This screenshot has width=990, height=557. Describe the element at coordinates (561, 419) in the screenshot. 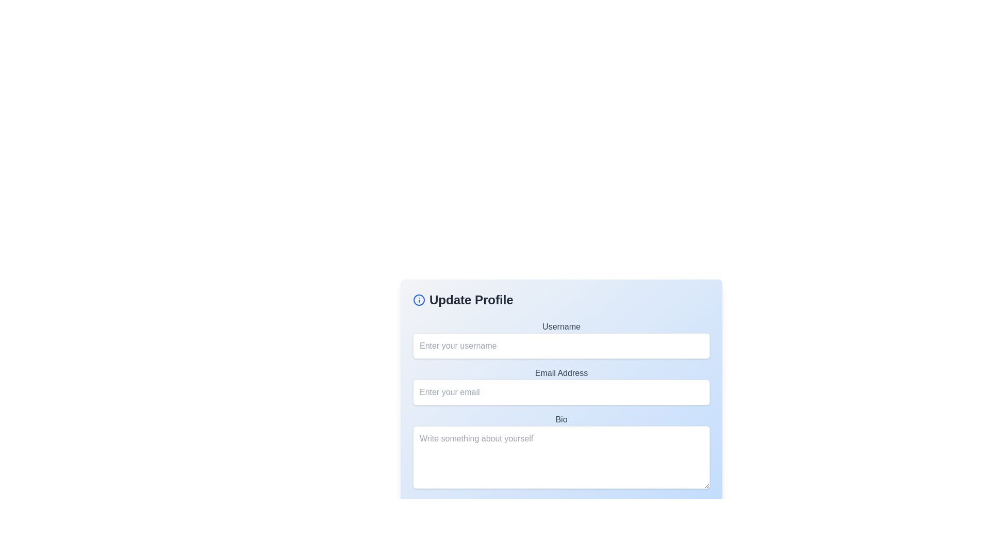

I see `the 'Bio' label, which is styled with gray color and medium-weight font, positioned above the textbox for 'Write something about yourself' in the 'Update Profile' form` at that location.